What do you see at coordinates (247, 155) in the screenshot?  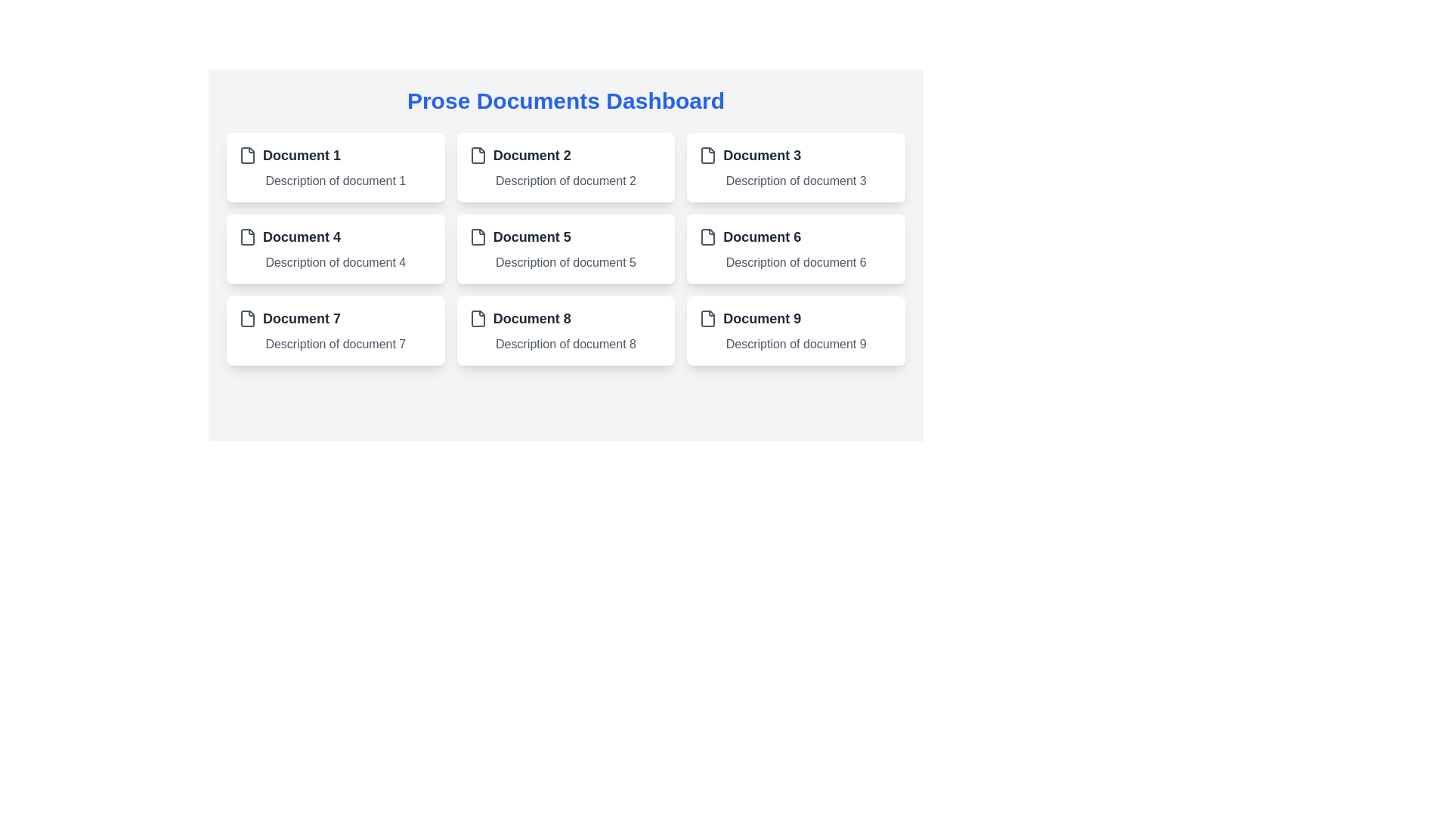 I see `the document icon located in the top-left corner of the dashboard interface under the card labeled 'Document 1.'` at bounding box center [247, 155].